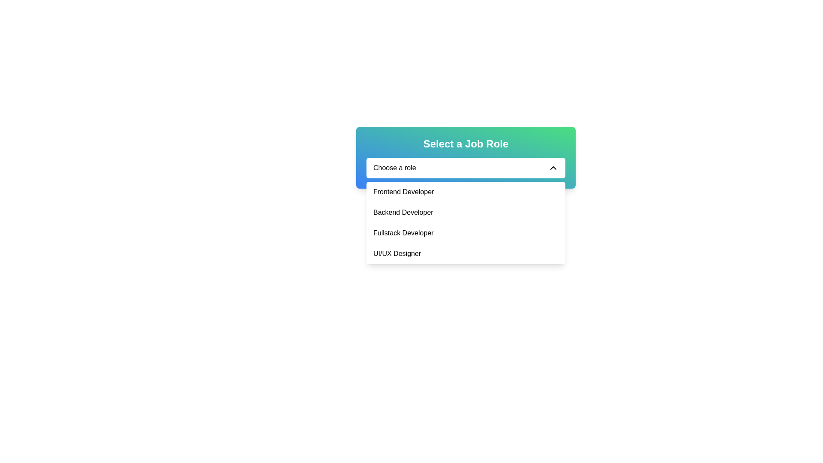  What do you see at coordinates (553, 168) in the screenshot?
I see `the upwards-pointing chevron icon with a thin black outline located on the right side of the white selection box labeled 'Choose a role'` at bounding box center [553, 168].